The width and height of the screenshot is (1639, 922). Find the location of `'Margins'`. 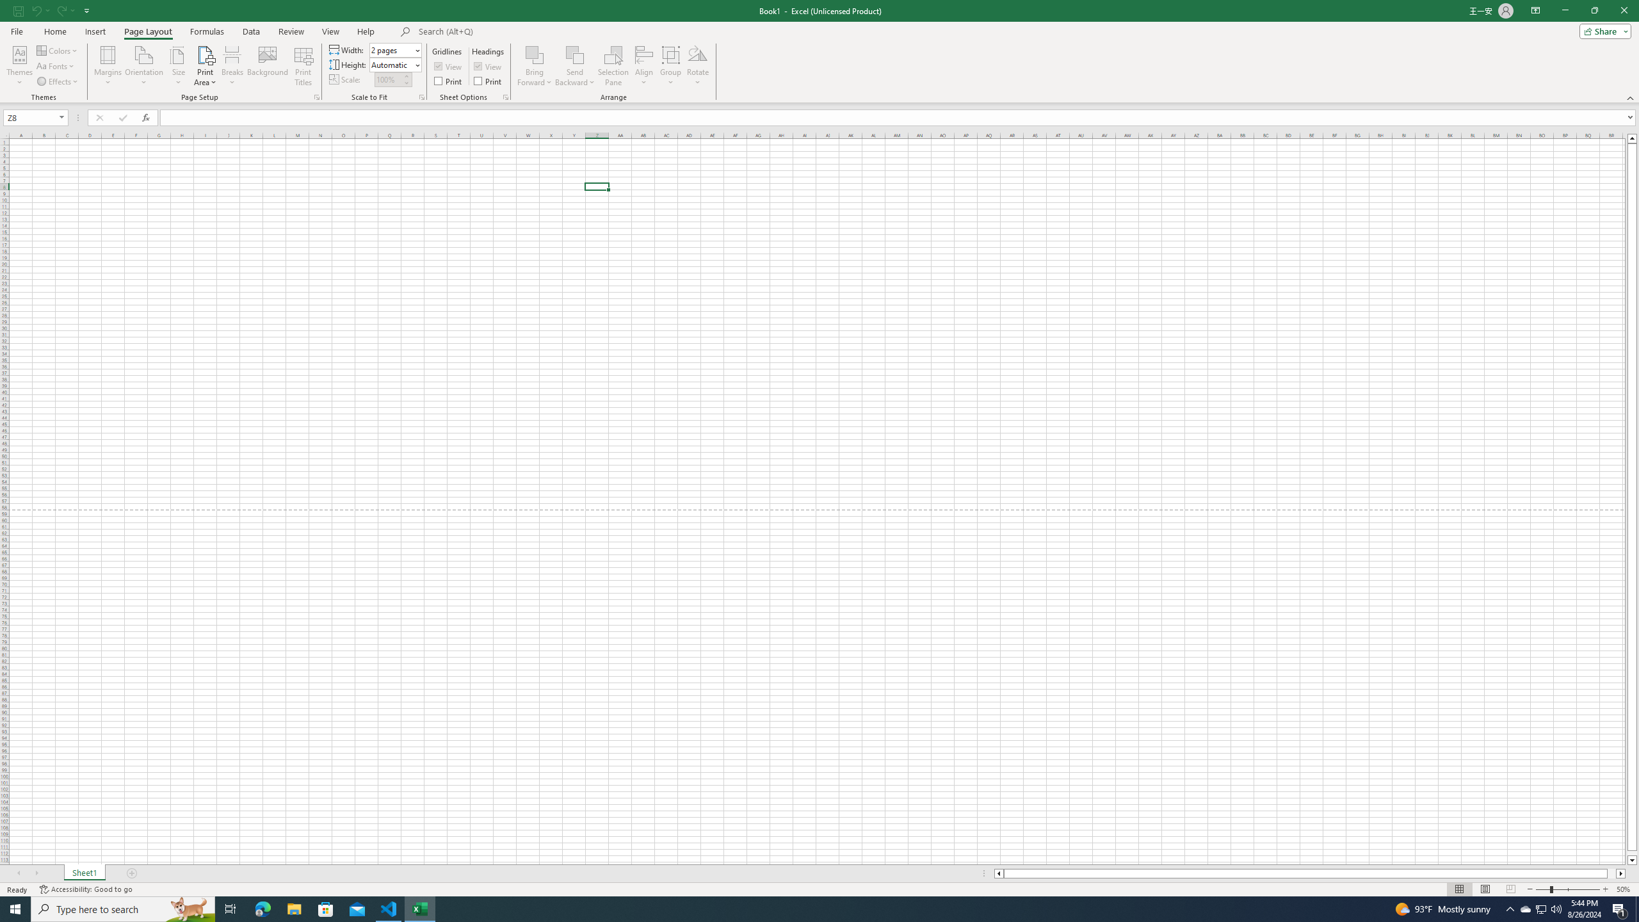

'Margins' is located at coordinates (107, 66).